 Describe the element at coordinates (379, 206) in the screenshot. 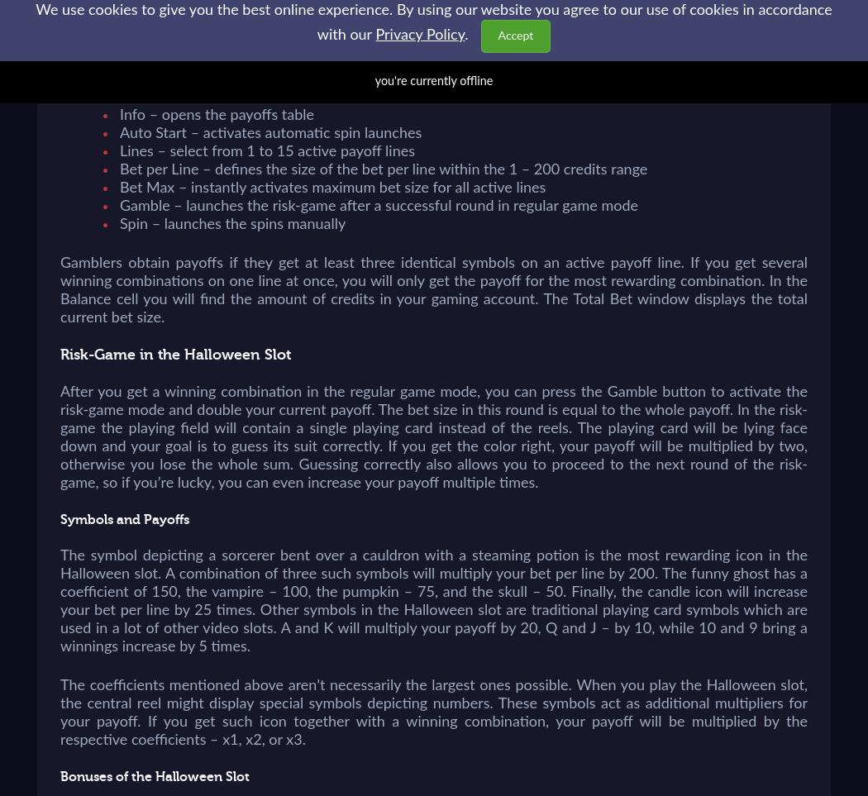

I see `'Gamble – launches the risk-game after a successful round in regular game mode'` at that location.